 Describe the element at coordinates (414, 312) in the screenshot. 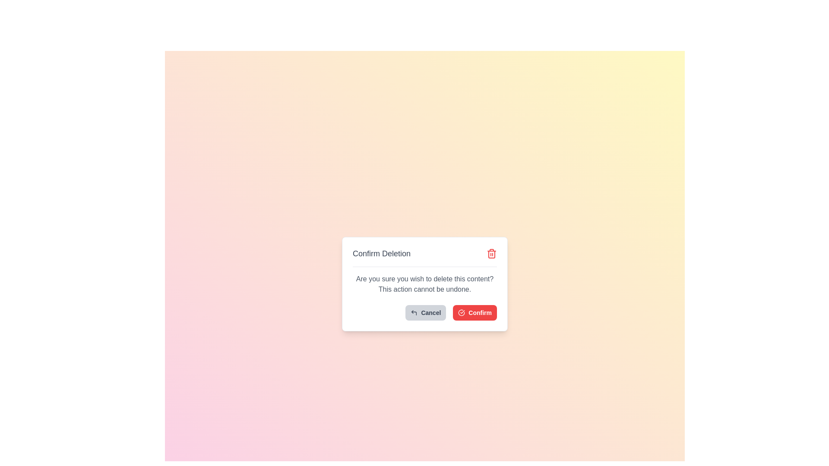

I see `the left-turn upward arrow icon styled with a thin outline and rounded corners located in the bottom-left corner of the confirmation modal, which serves as the 'Cancel' button` at that location.